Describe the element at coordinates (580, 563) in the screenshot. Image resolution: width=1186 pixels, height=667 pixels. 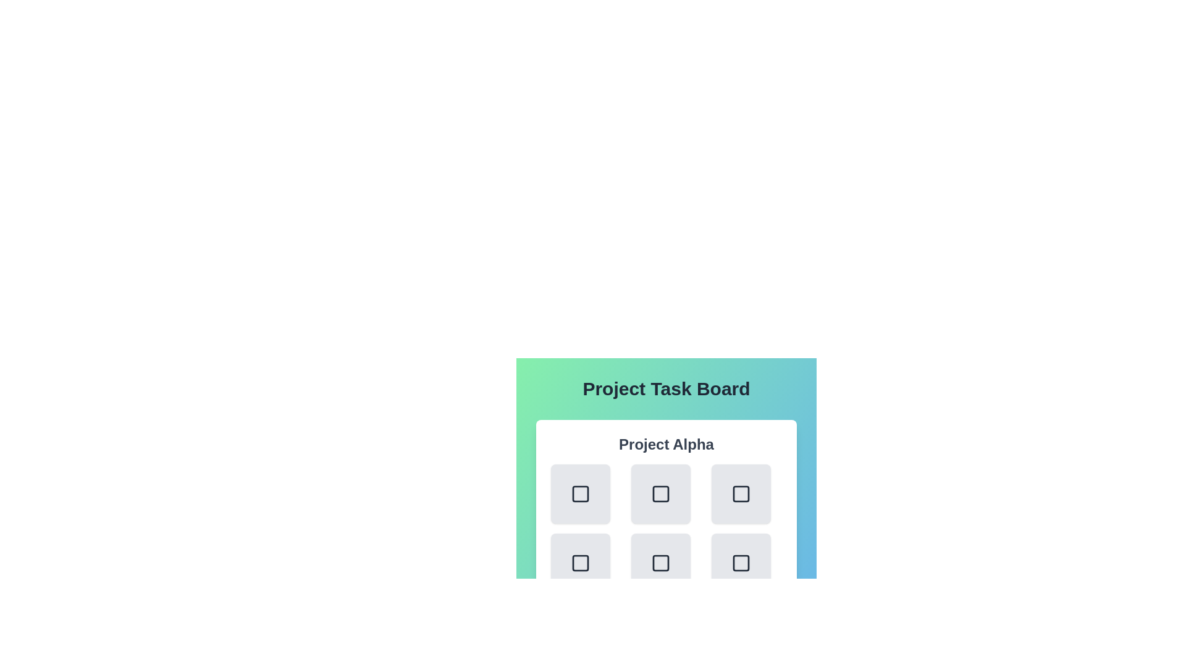
I see `the task button corresponding to task 3 in project Project Alpha` at that location.